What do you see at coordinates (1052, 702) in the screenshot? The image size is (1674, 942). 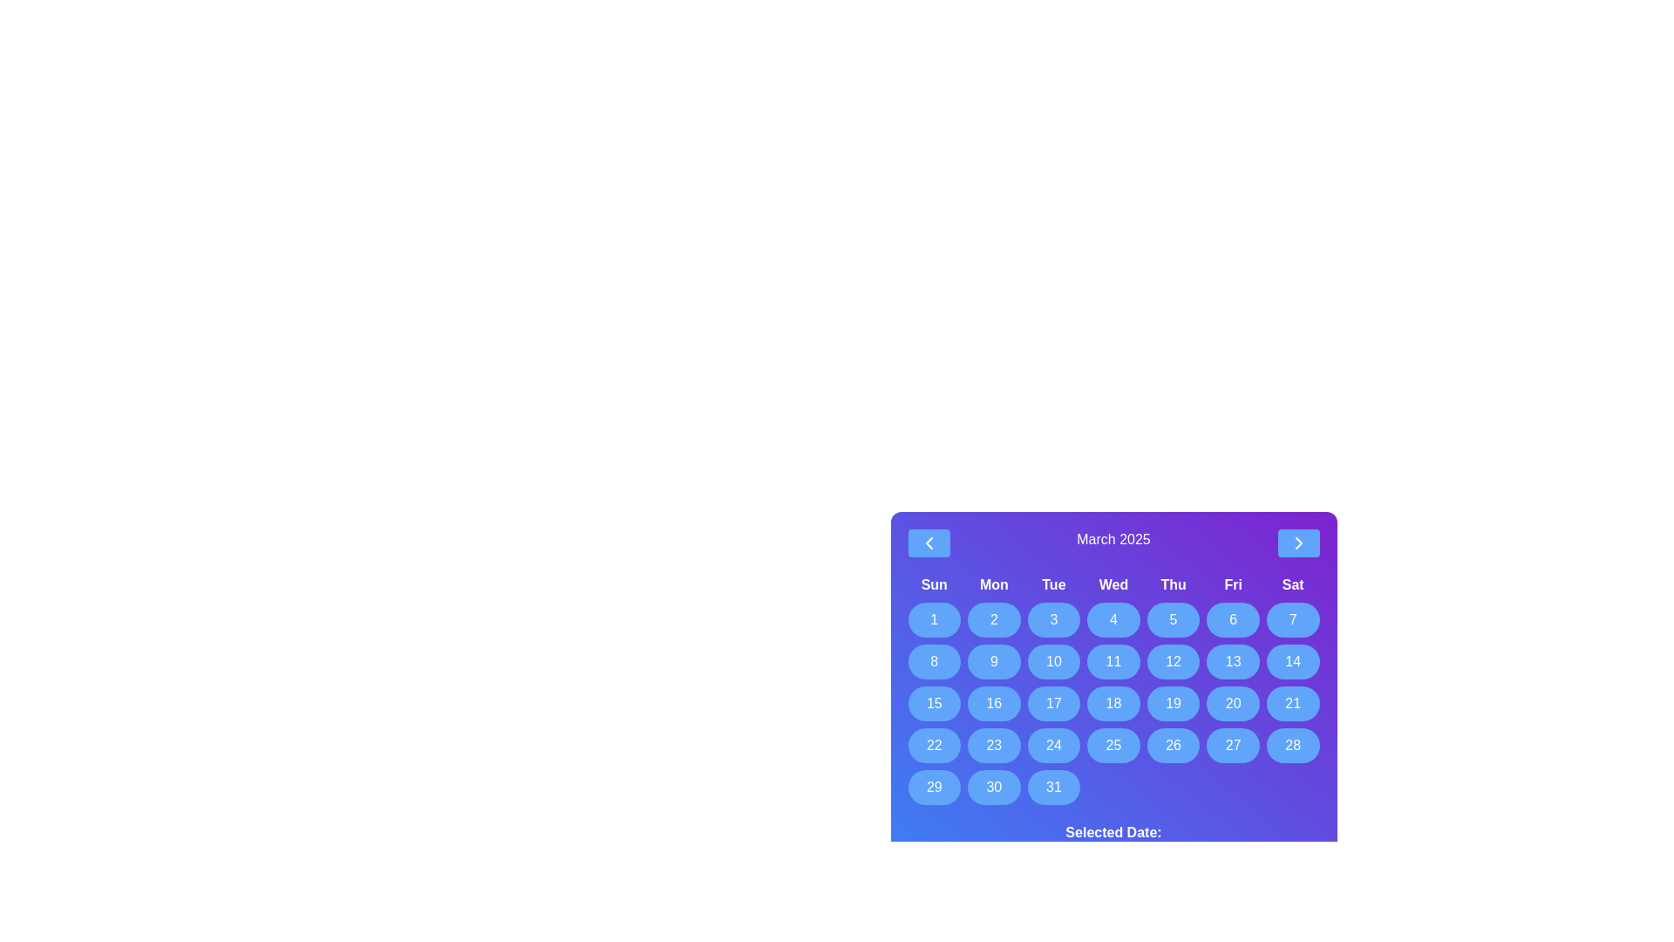 I see `the circular button labeled '17' with a blue background in the calendar grid` at bounding box center [1052, 702].